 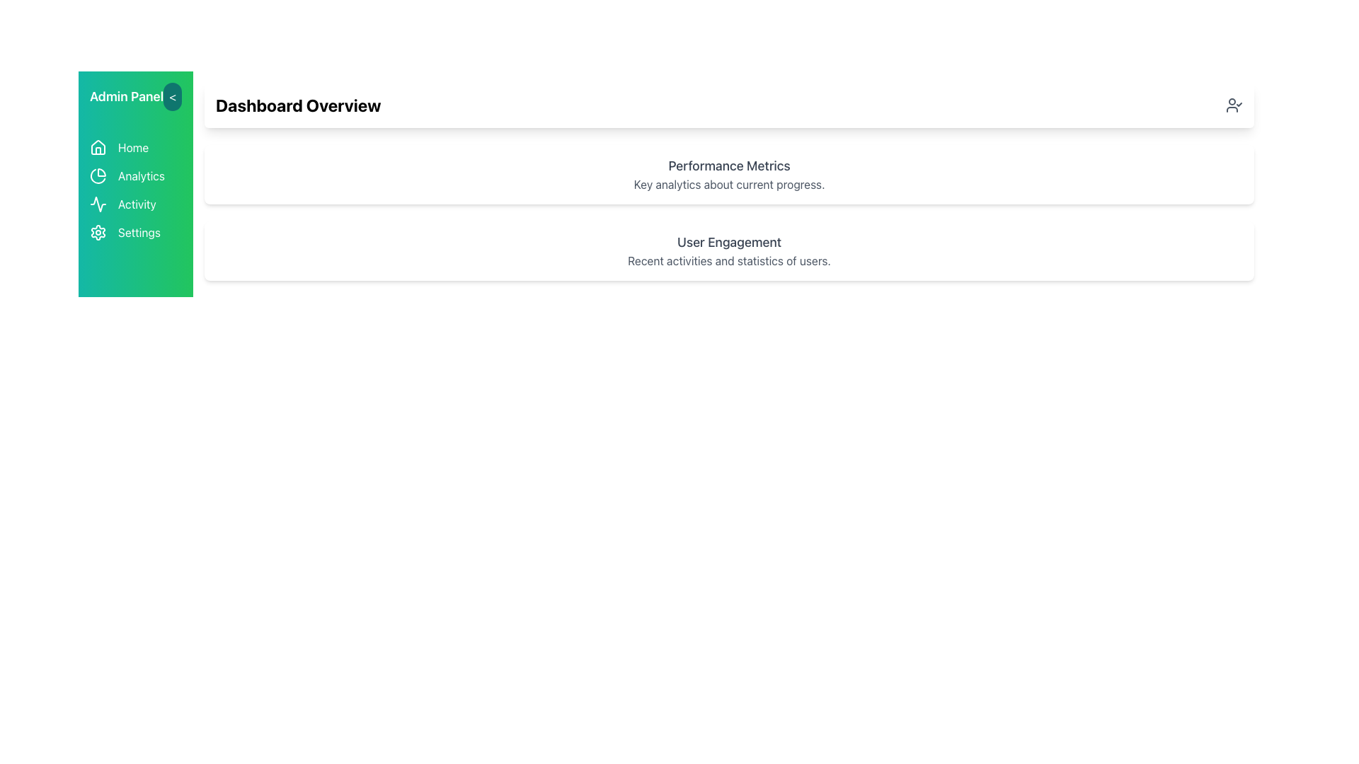 I want to click on the gear-shaped icon with a white outline on a green background, located to the left of the 'Settings' label in the sidebar, so click(x=98, y=231).